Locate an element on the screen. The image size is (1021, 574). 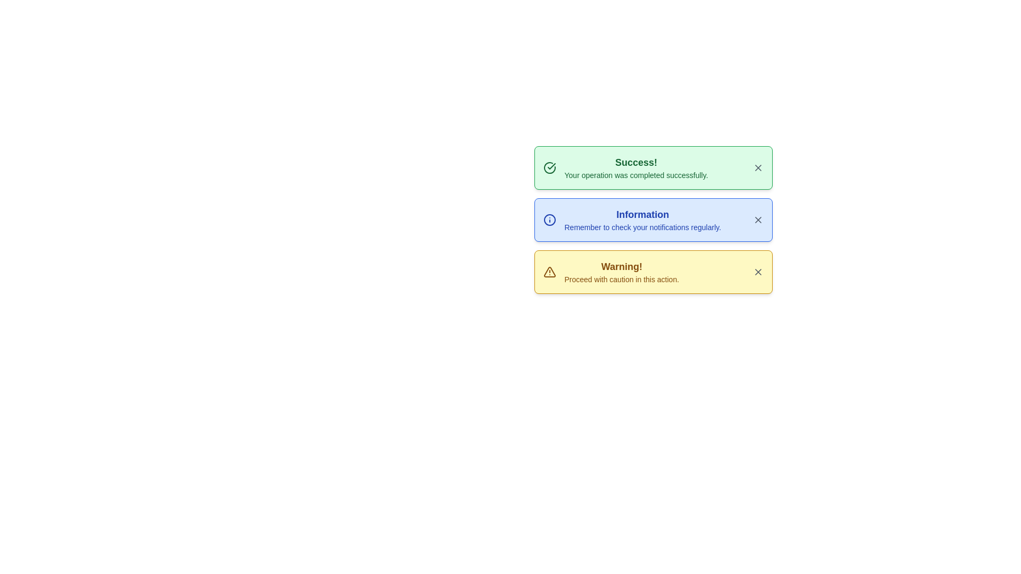
the green checkmark icon within the 'Success!' button, which is located in the top-left portion of the button and shares space with a circular icon is located at coordinates (551, 166).